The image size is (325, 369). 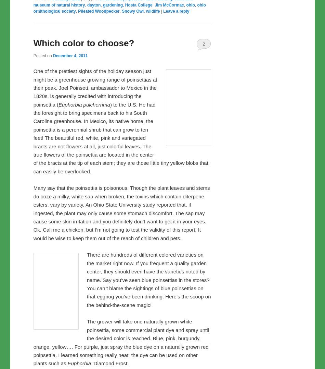 I want to click on 'Hosta College – Friday/Saturday, March 16 & 17', so click(x=33, y=29).